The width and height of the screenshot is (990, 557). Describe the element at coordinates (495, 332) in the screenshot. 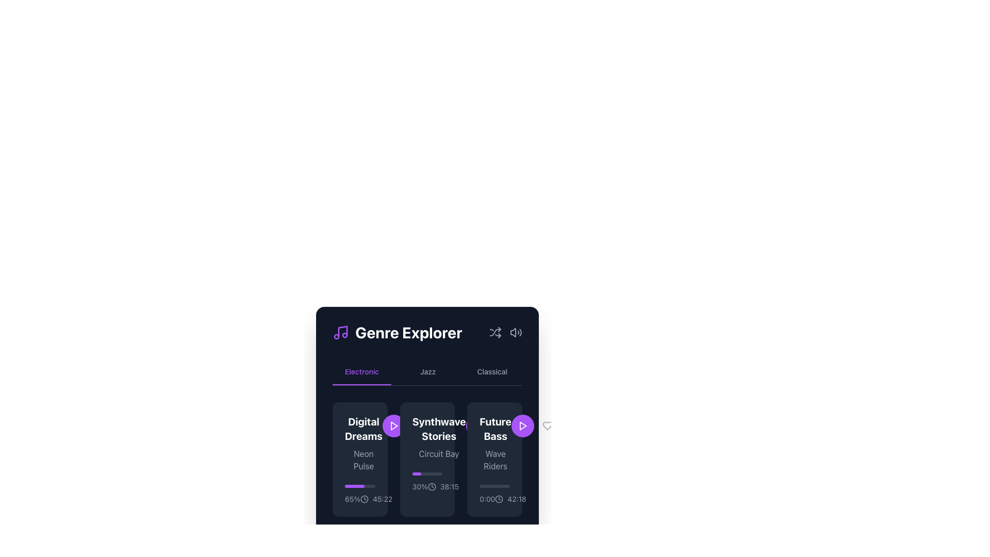

I see `the shuffle icon button, which is represented as two intertwined arrows, to observe the color change from gray to purple` at that location.